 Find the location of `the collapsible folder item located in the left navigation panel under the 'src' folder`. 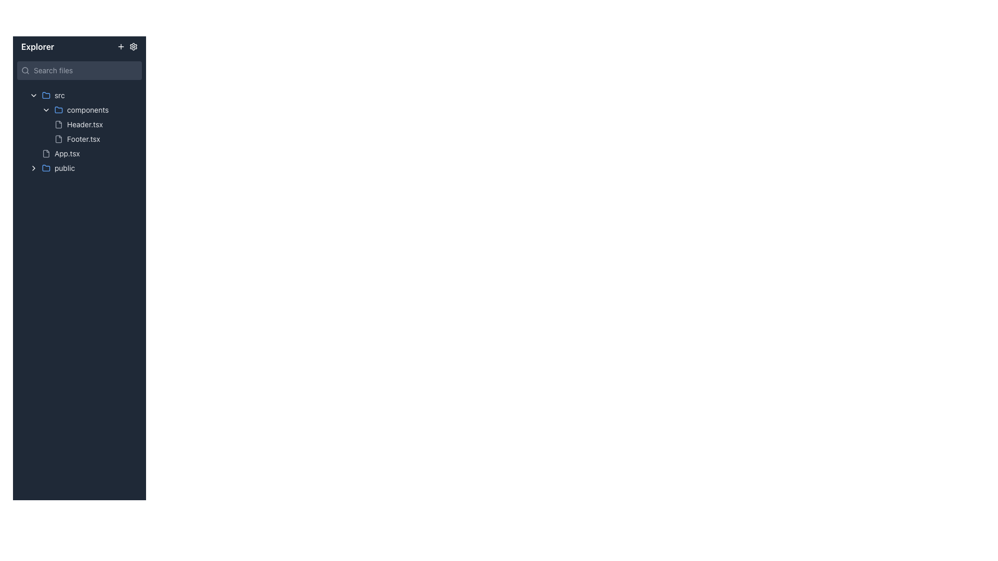

the collapsible folder item located in the left navigation panel under the 'src' folder is located at coordinates (89, 110).